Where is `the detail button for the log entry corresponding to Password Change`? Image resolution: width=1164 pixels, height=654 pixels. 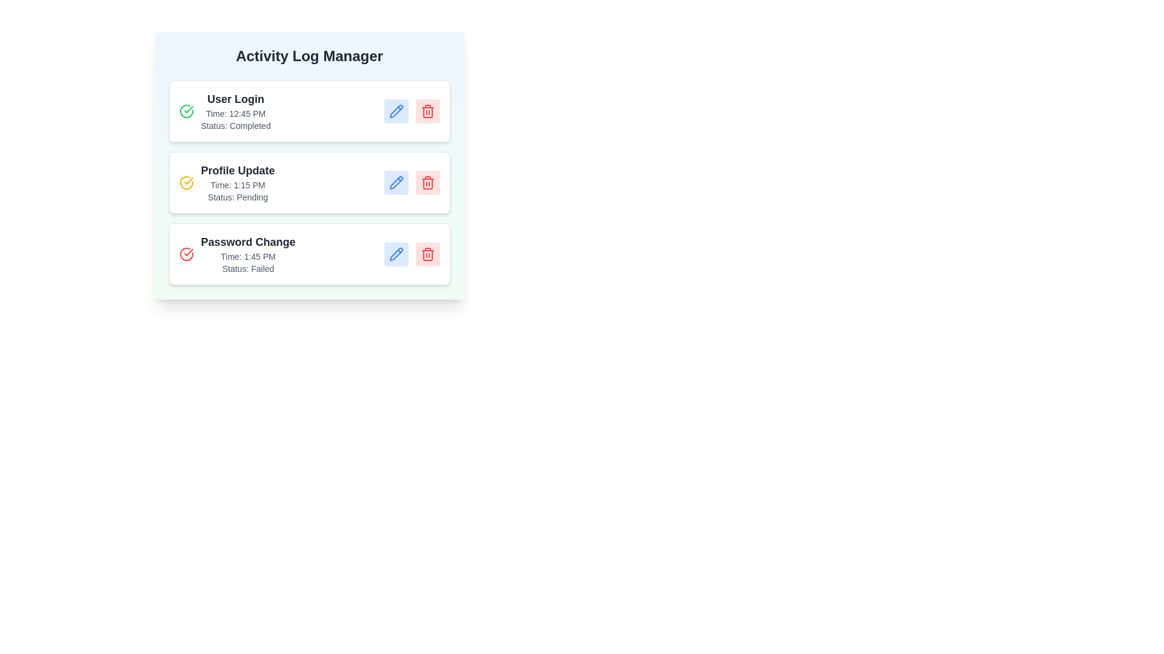
the detail button for the log entry corresponding to Password Change is located at coordinates (396, 254).